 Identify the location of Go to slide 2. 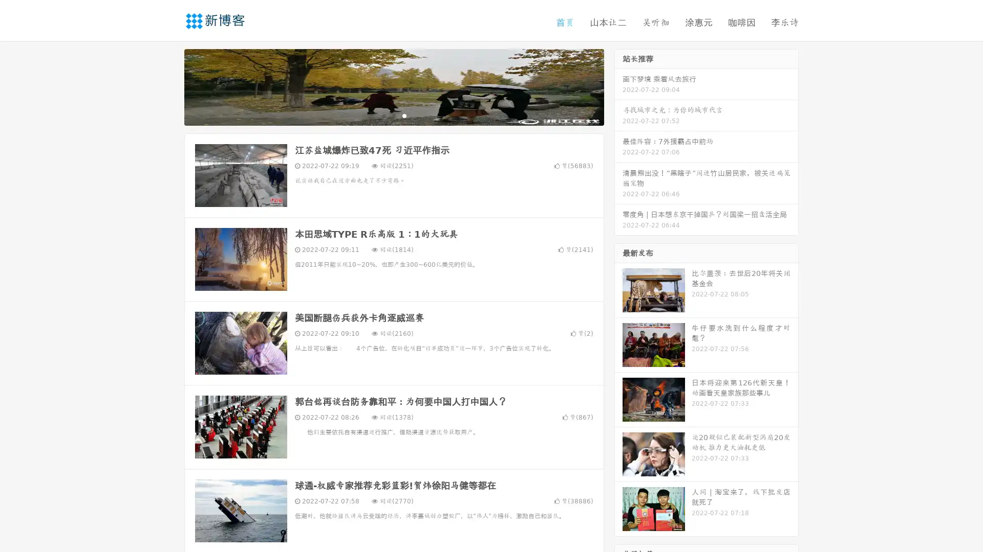
(393, 115).